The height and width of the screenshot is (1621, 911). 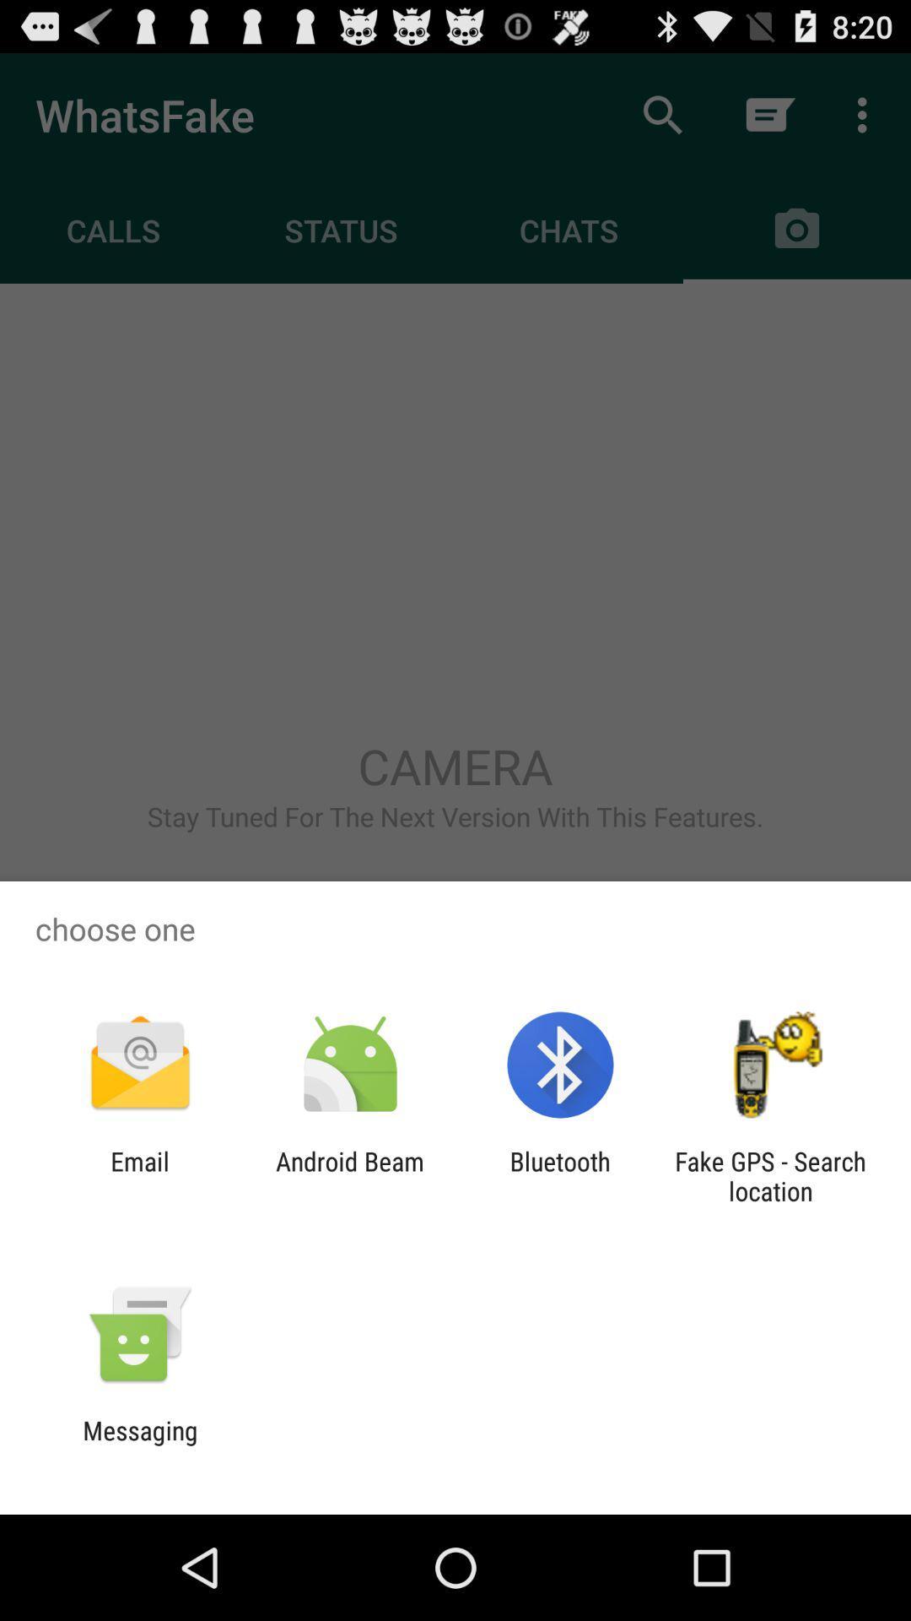 What do you see at coordinates (770, 1175) in the screenshot?
I see `icon at the bottom right corner` at bounding box center [770, 1175].